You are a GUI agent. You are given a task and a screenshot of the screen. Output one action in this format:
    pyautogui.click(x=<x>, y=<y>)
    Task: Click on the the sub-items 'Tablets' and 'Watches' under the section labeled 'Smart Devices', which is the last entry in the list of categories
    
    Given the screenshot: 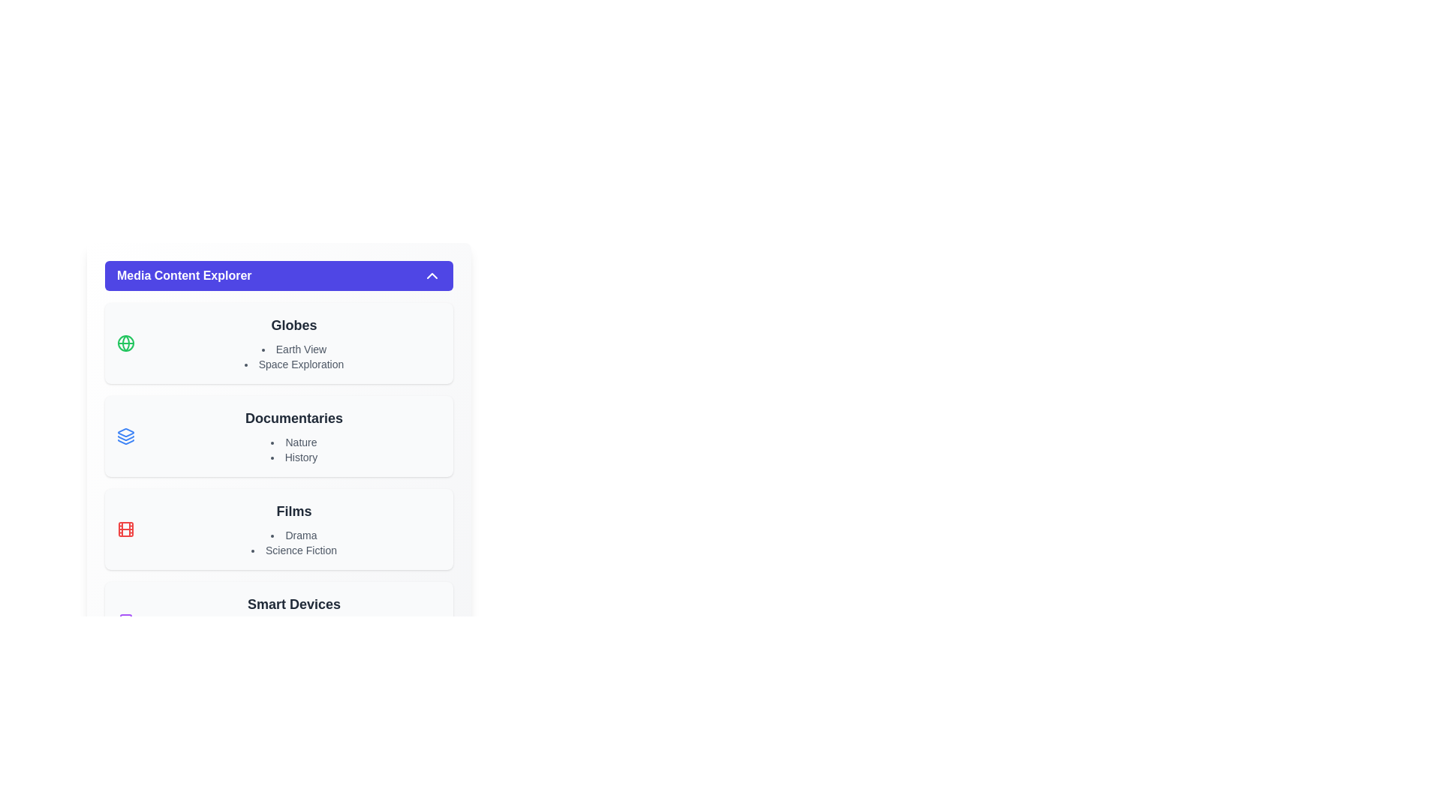 What is the action you would take?
    pyautogui.click(x=279, y=622)
    